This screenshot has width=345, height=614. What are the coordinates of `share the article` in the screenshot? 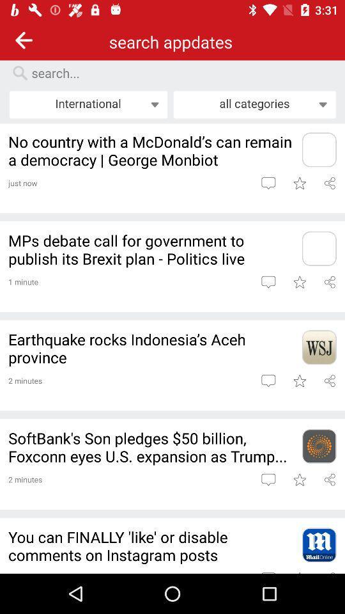 It's located at (330, 381).